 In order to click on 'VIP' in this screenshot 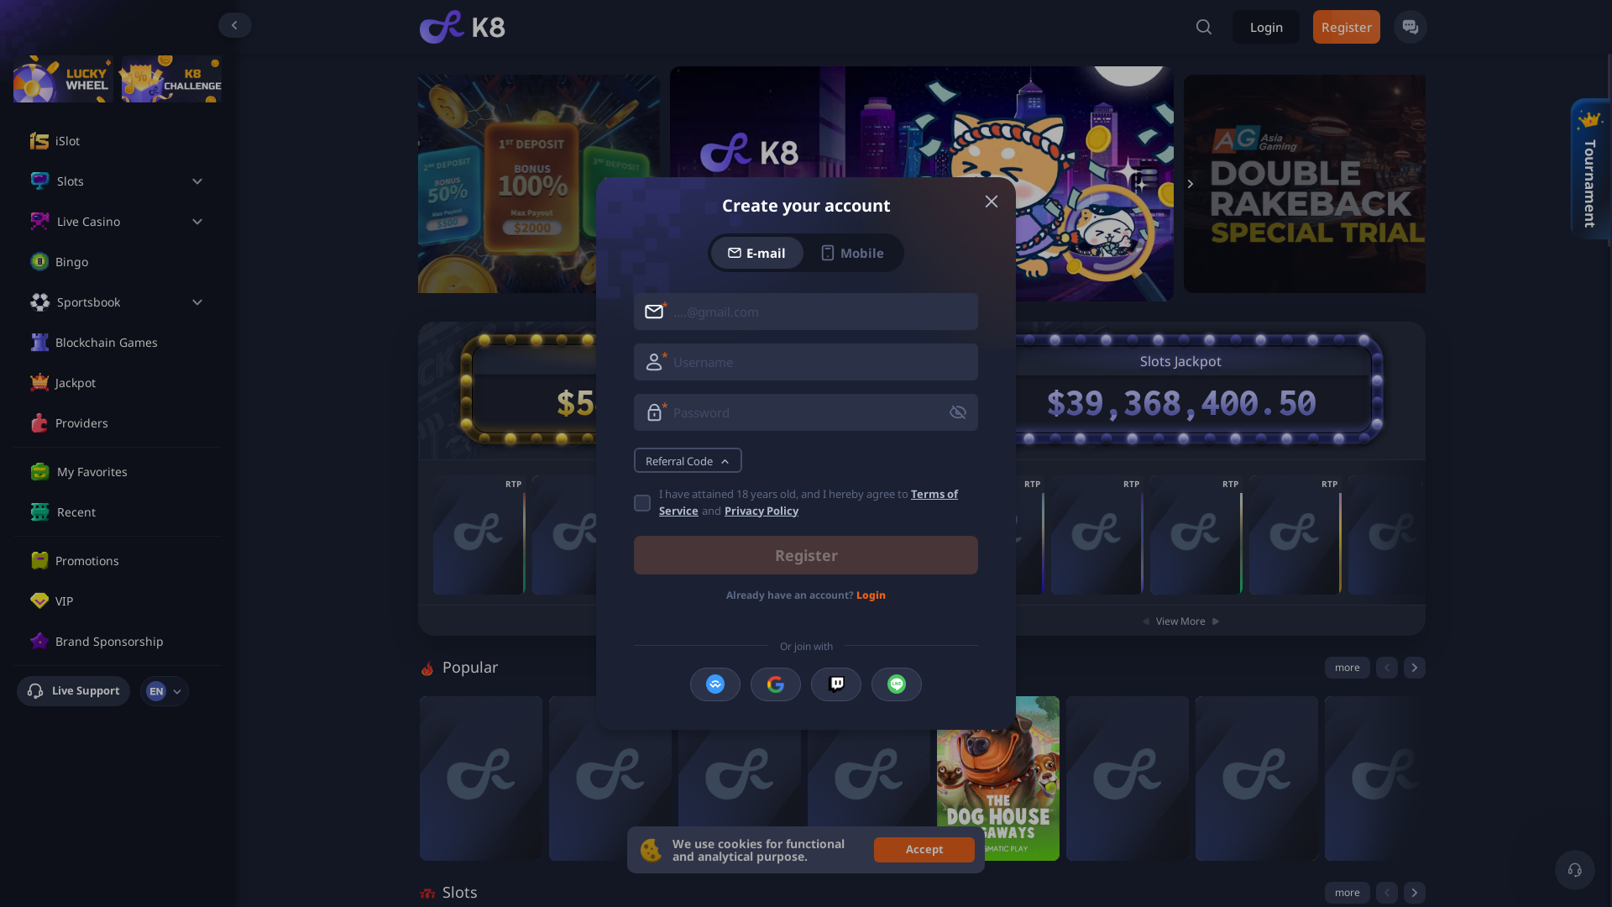, I will do `click(128, 600)`.